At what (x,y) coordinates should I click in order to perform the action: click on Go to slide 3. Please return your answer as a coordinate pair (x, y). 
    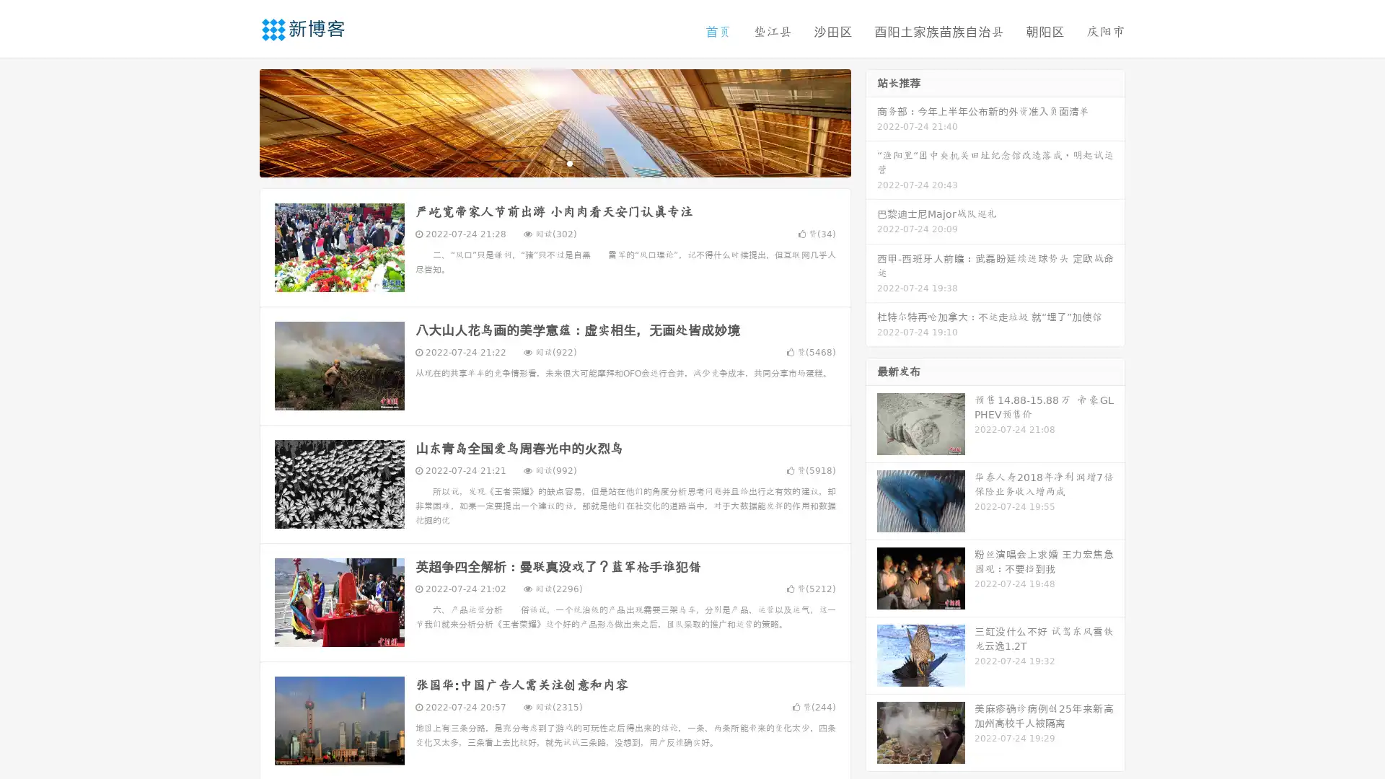
    Looking at the image, I should click on (569, 162).